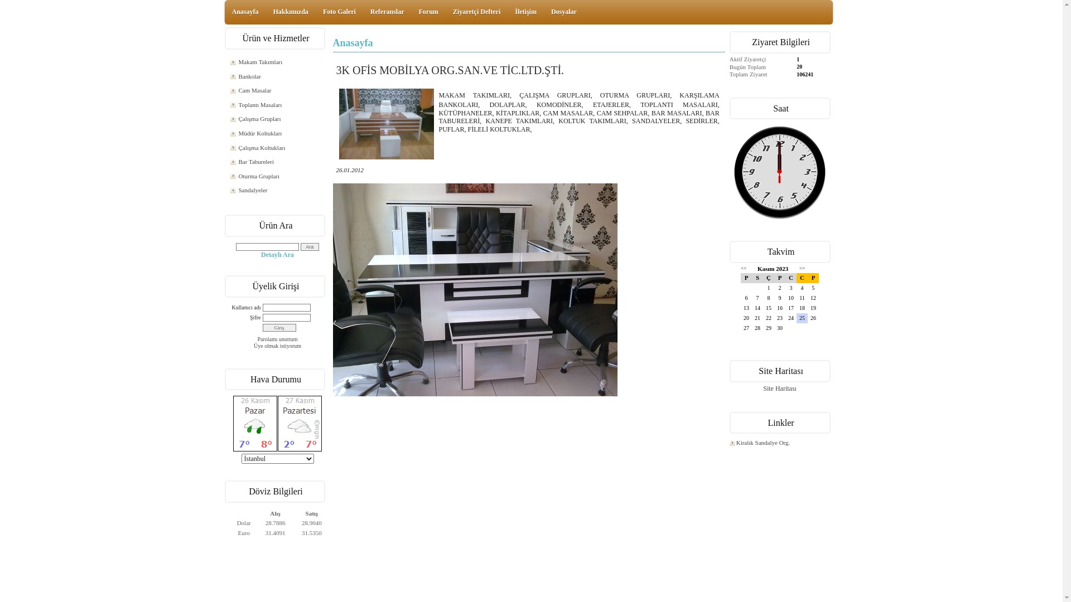 The height and width of the screenshot is (602, 1071). I want to click on '2', so click(779, 287).